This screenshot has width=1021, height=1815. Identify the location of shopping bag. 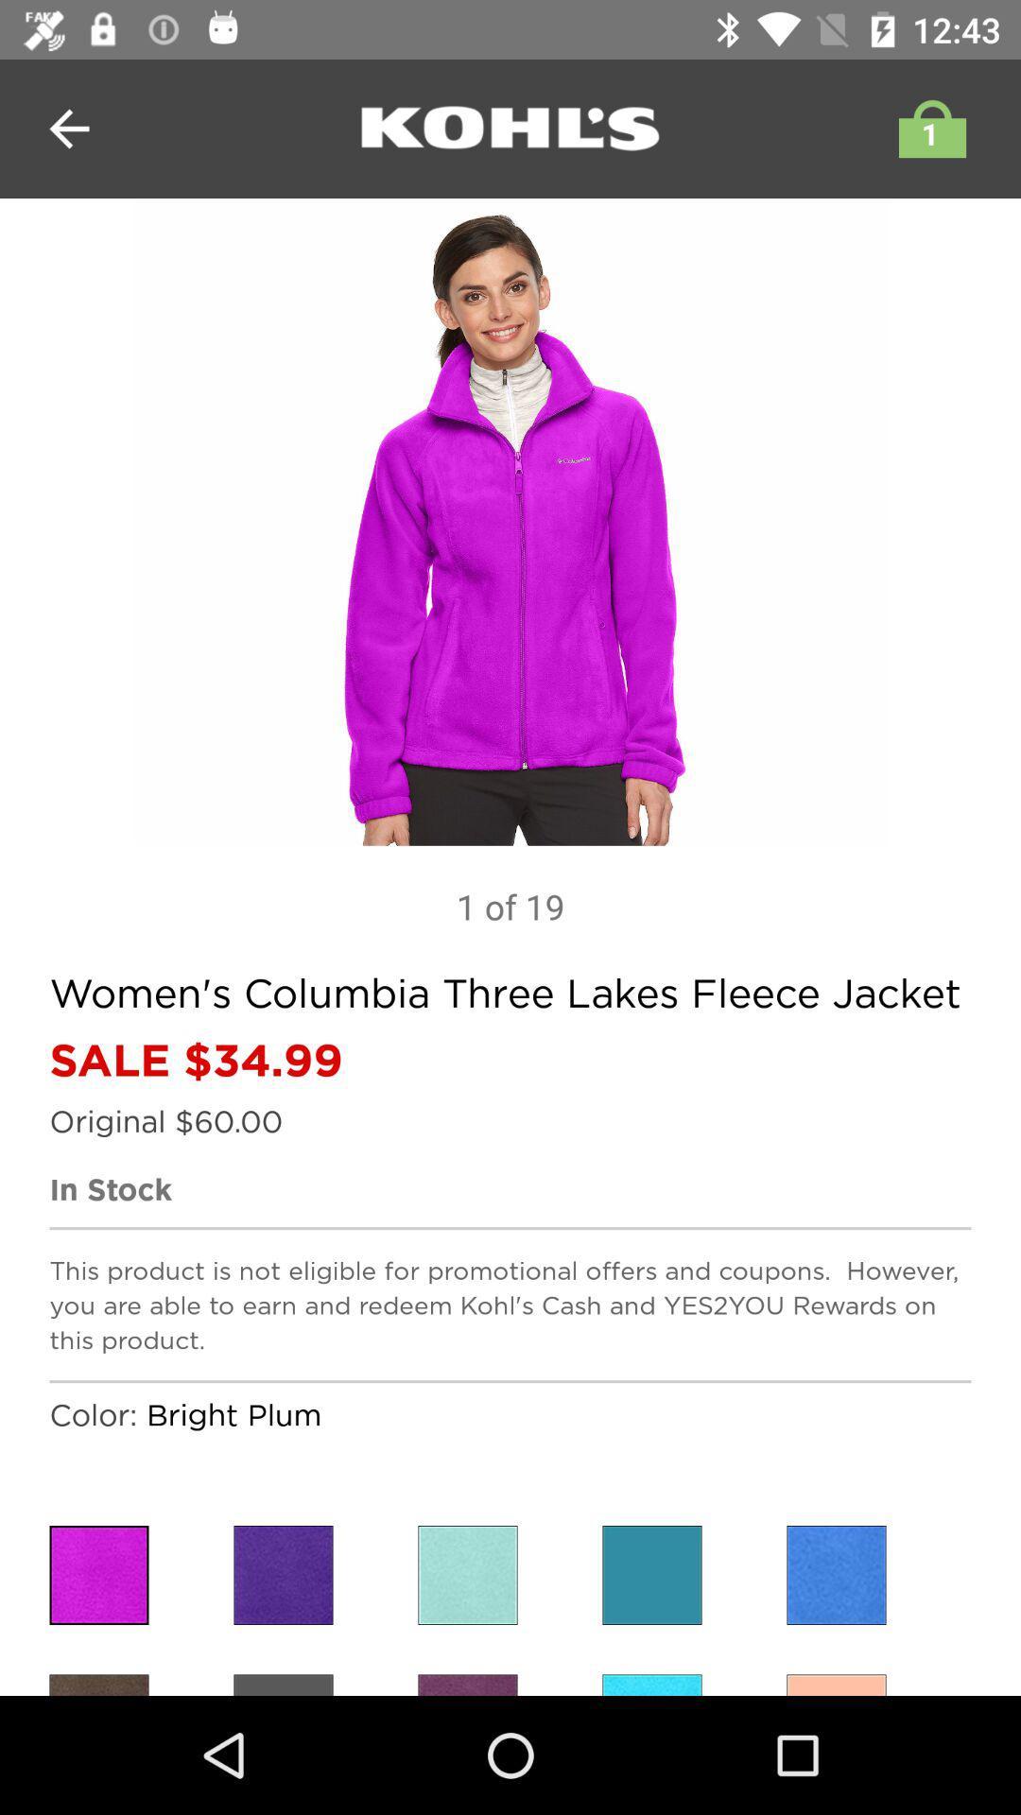
(926, 128).